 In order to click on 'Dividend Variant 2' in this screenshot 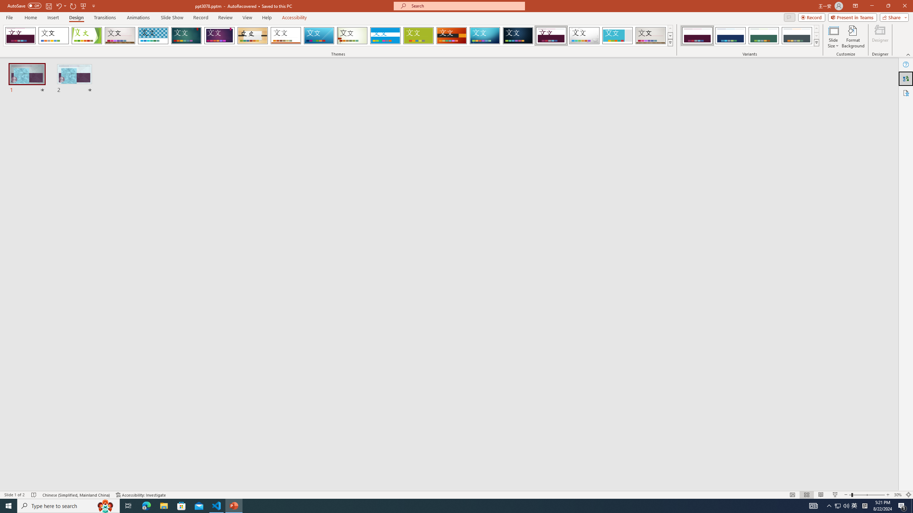, I will do `click(730, 35)`.